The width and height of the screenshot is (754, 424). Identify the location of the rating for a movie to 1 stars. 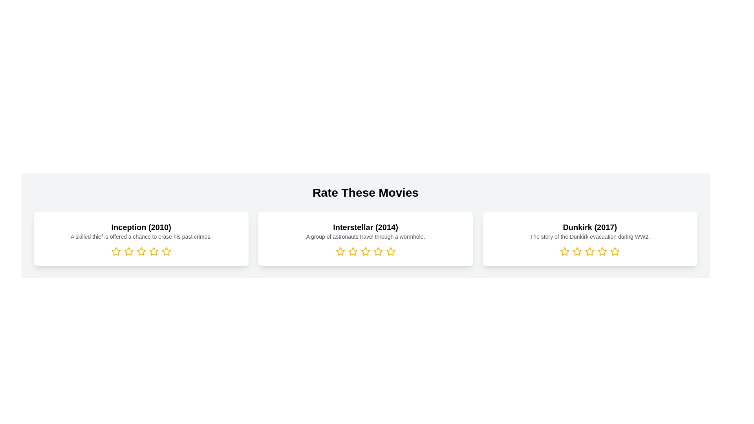
(115, 251).